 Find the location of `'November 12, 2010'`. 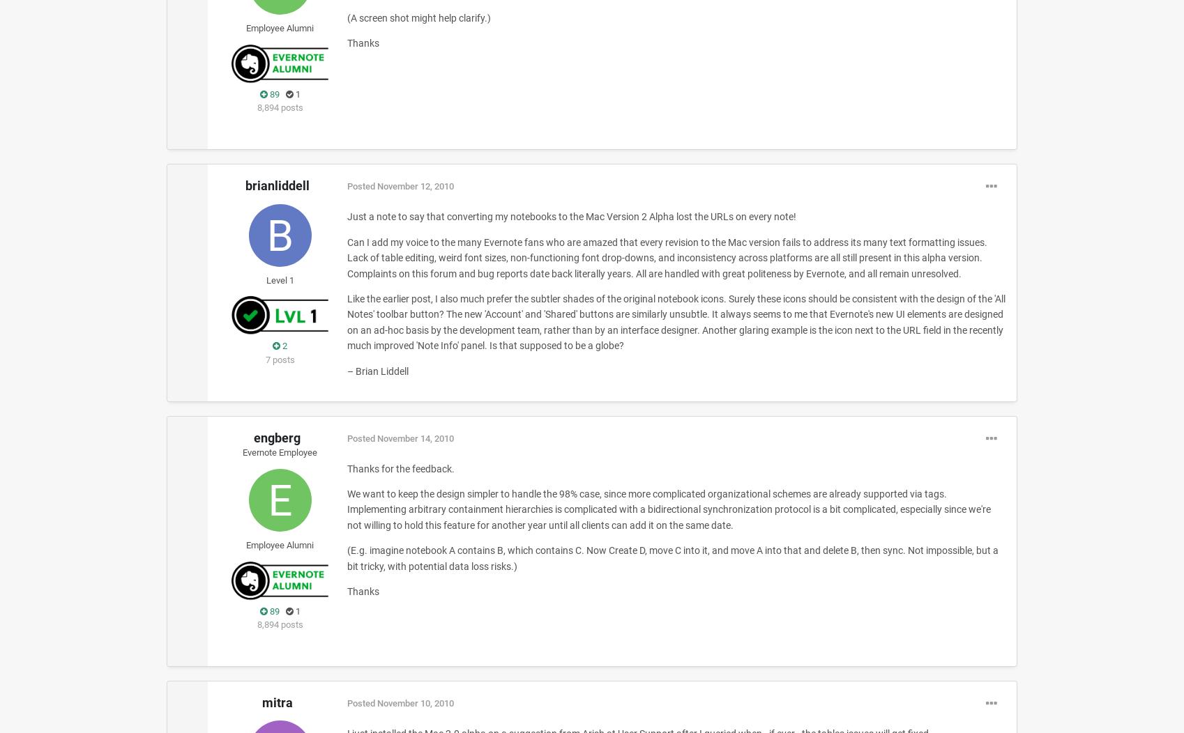

'November 12, 2010' is located at coordinates (414, 186).